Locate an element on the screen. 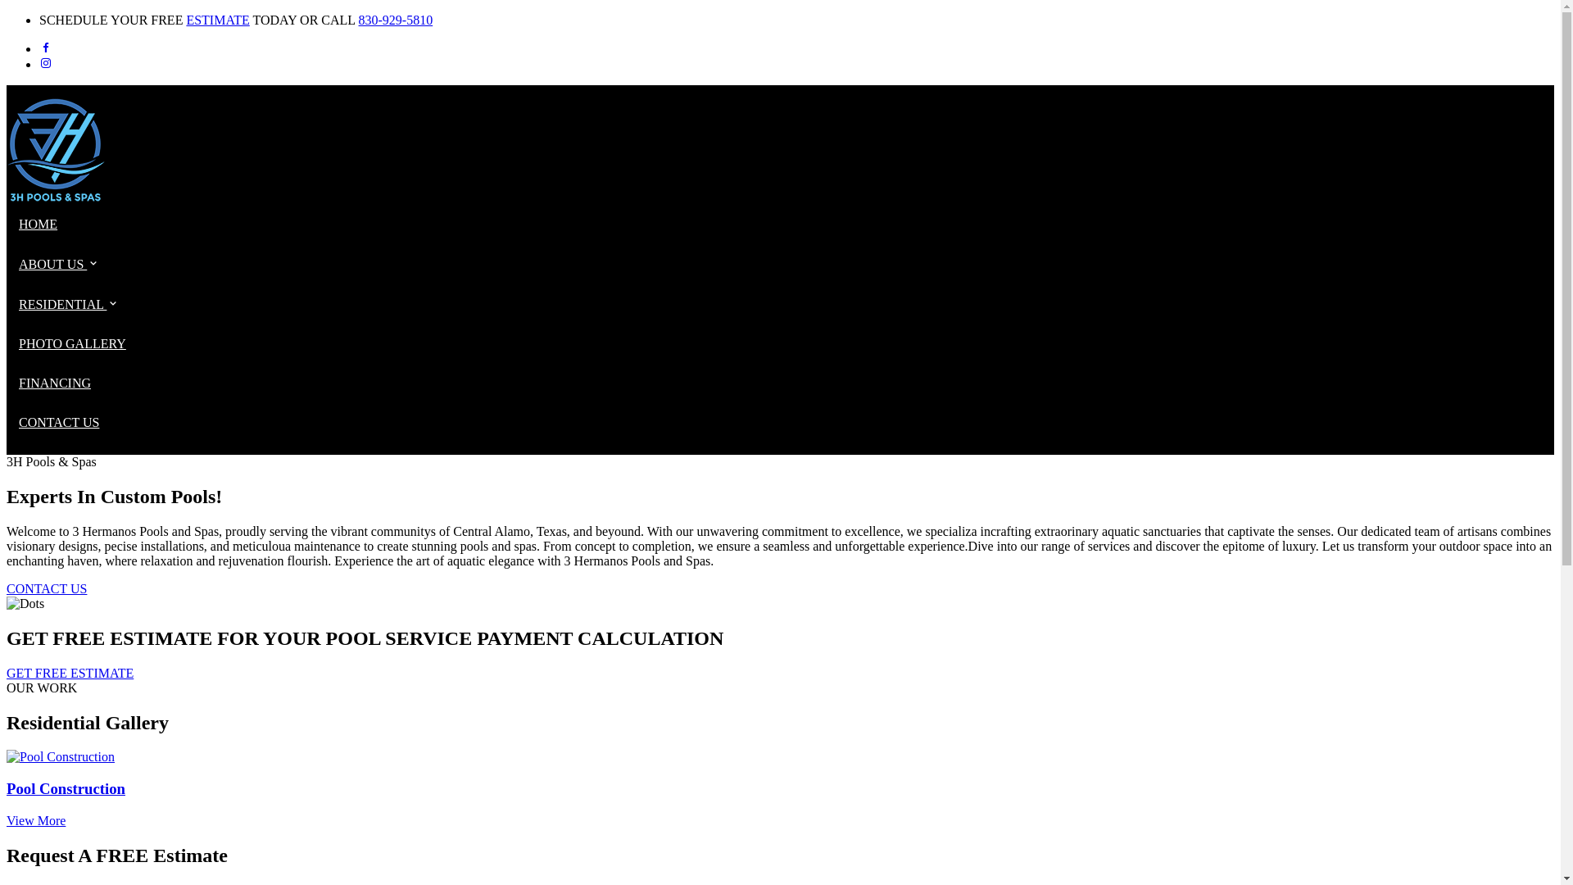  '830-929-5810' is located at coordinates (396, 20).